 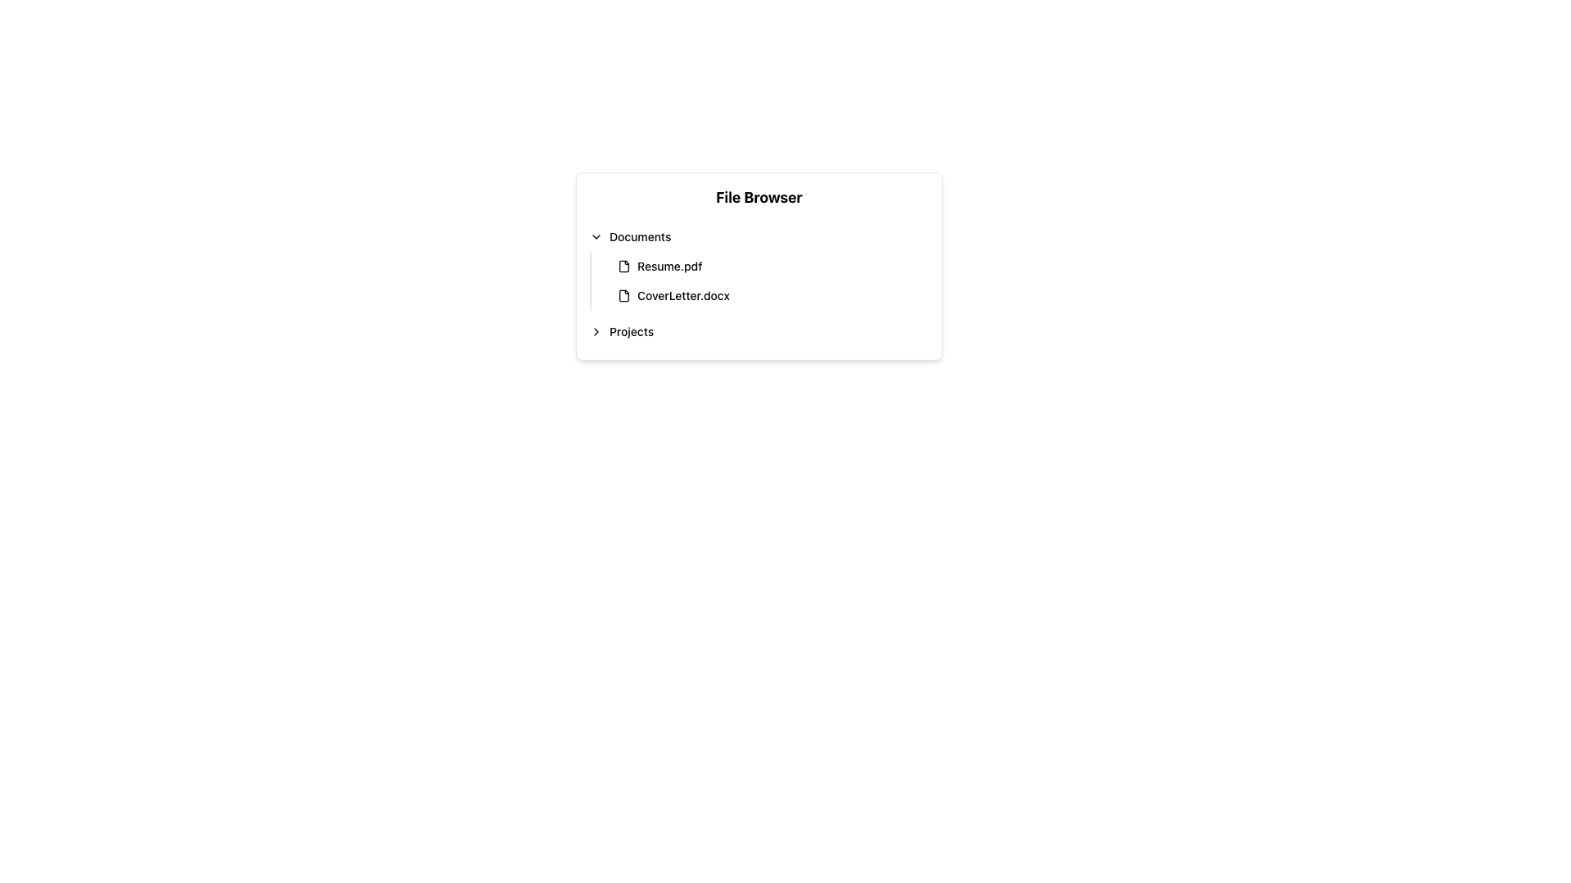 I want to click on the file name 'CoverLetter.docx' in the Documents folder, so click(x=683, y=296).